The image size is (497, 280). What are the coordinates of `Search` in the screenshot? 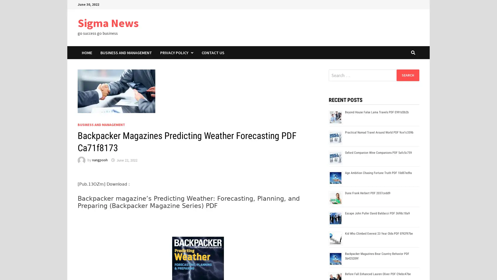 It's located at (407, 75).